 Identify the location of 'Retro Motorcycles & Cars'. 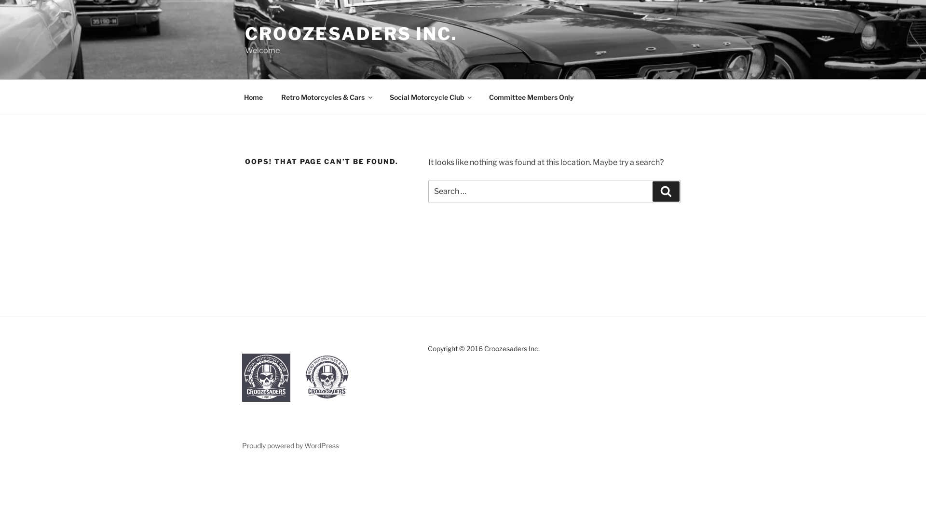
(326, 96).